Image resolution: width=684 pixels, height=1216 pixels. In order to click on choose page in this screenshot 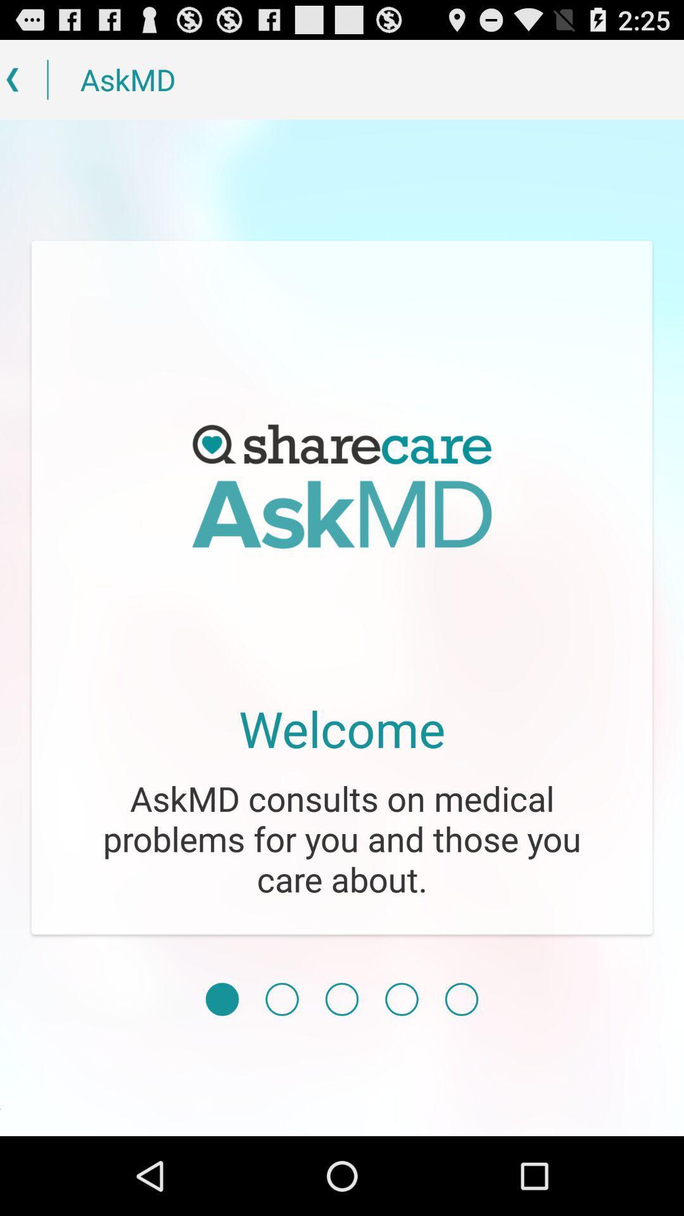, I will do `click(342, 999)`.